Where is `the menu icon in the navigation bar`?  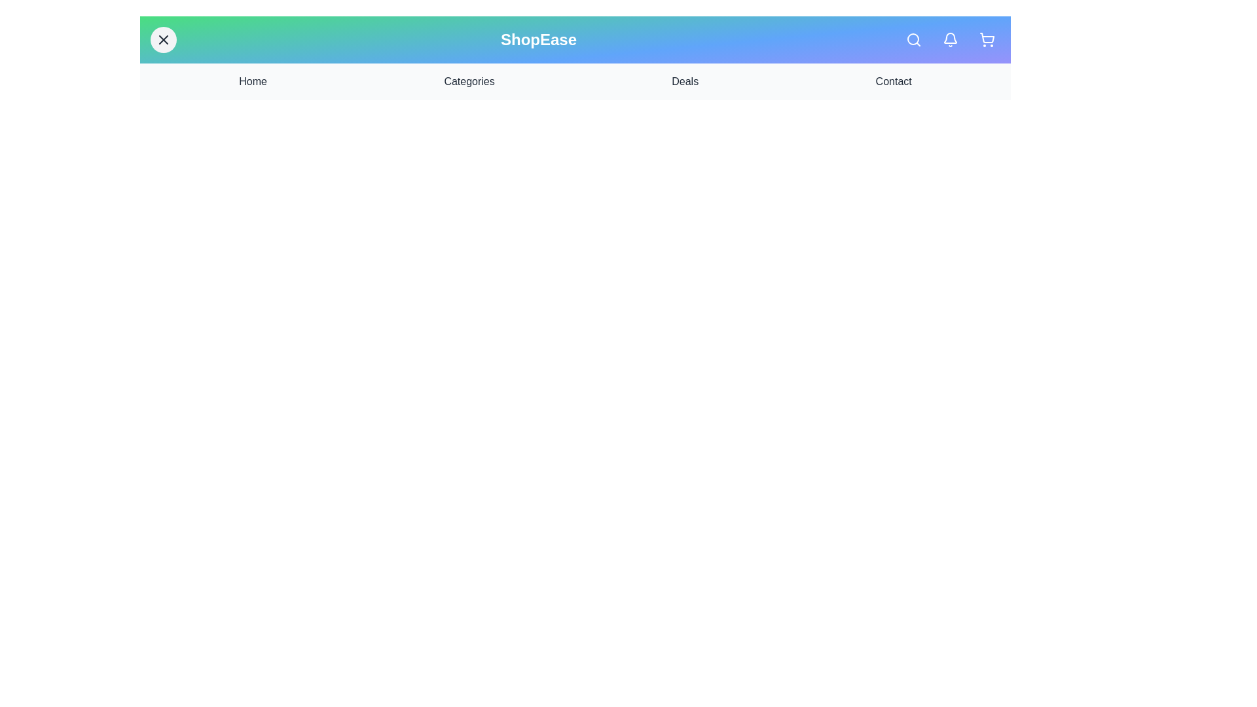
the menu icon in the navigation bar is located at coordinates (162, 39).